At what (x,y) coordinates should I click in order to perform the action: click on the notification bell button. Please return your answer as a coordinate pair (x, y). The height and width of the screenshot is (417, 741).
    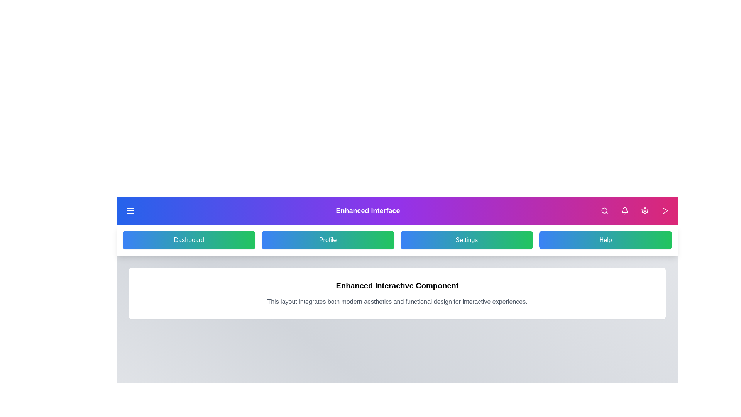
    Looking at the image, I should click on (624, 211).